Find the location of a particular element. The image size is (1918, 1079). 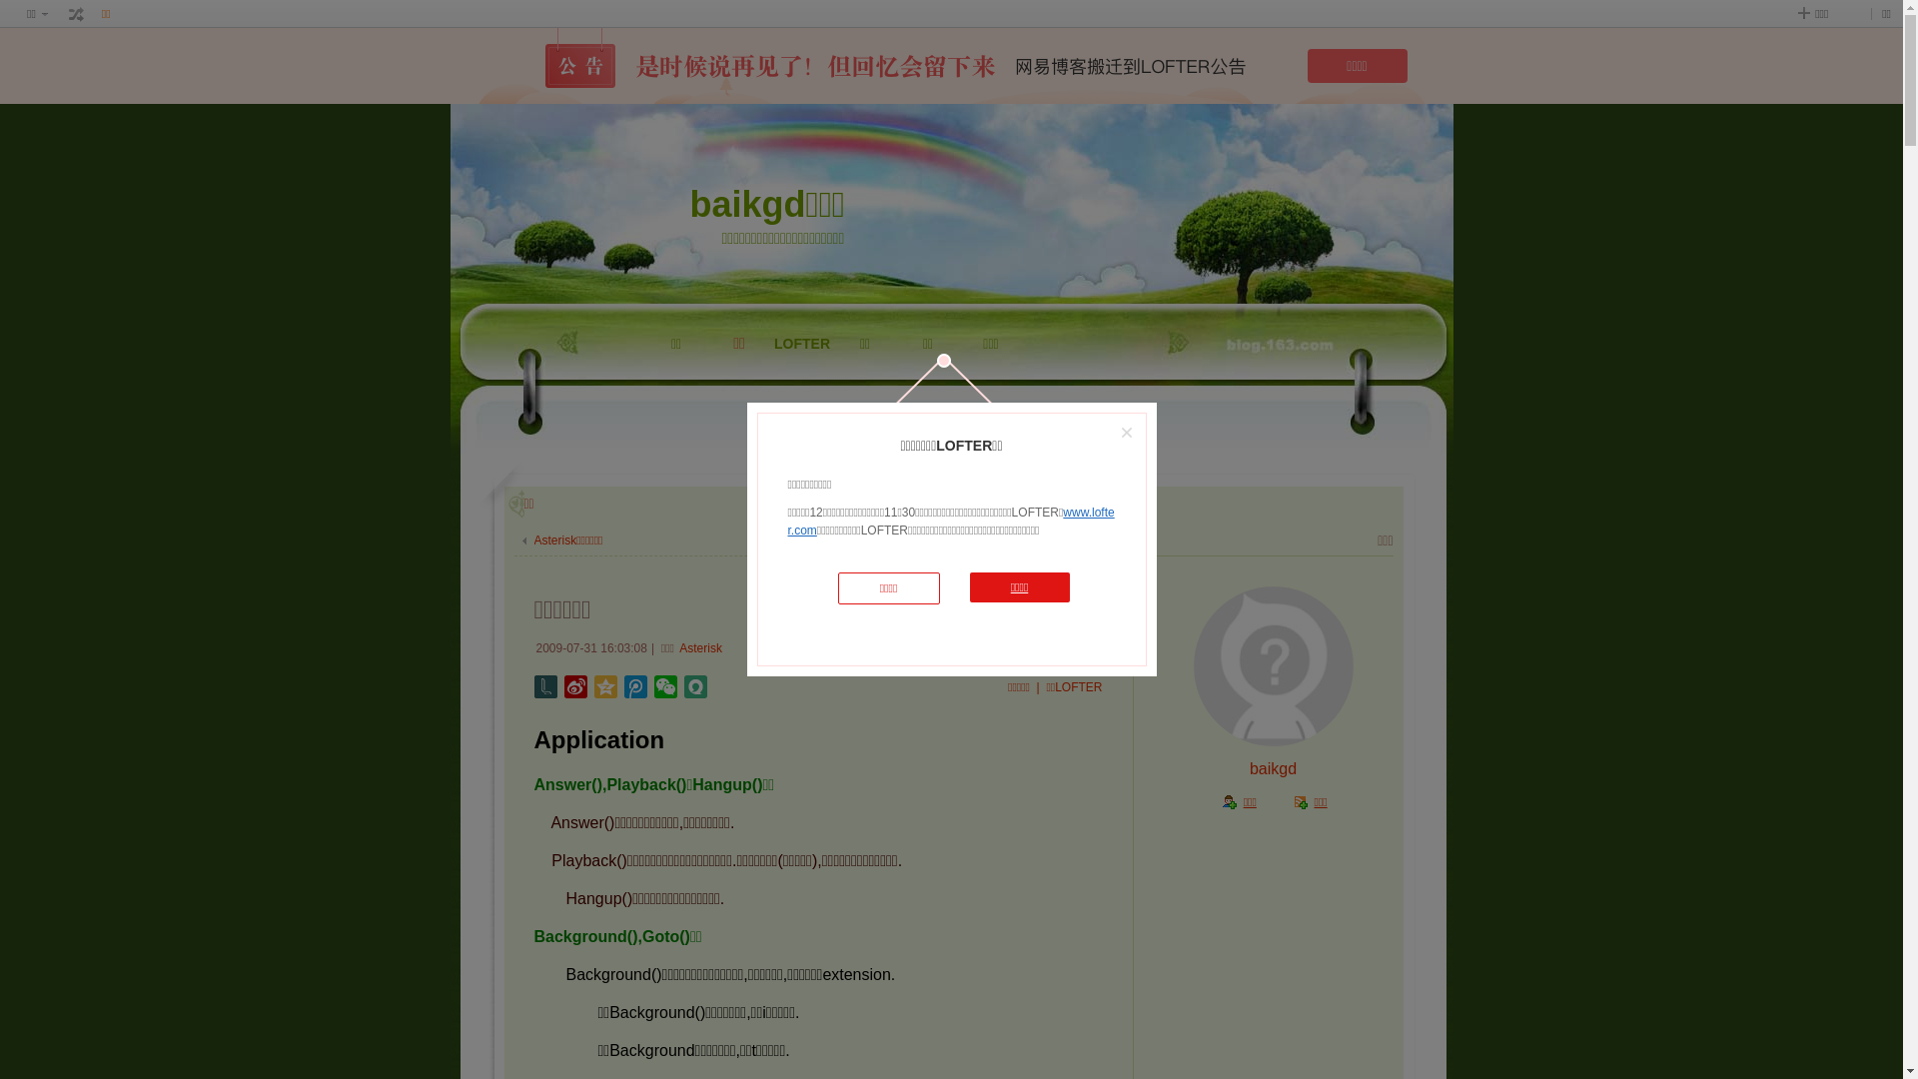

'LOFTER' is located at coordinates (802, 393).